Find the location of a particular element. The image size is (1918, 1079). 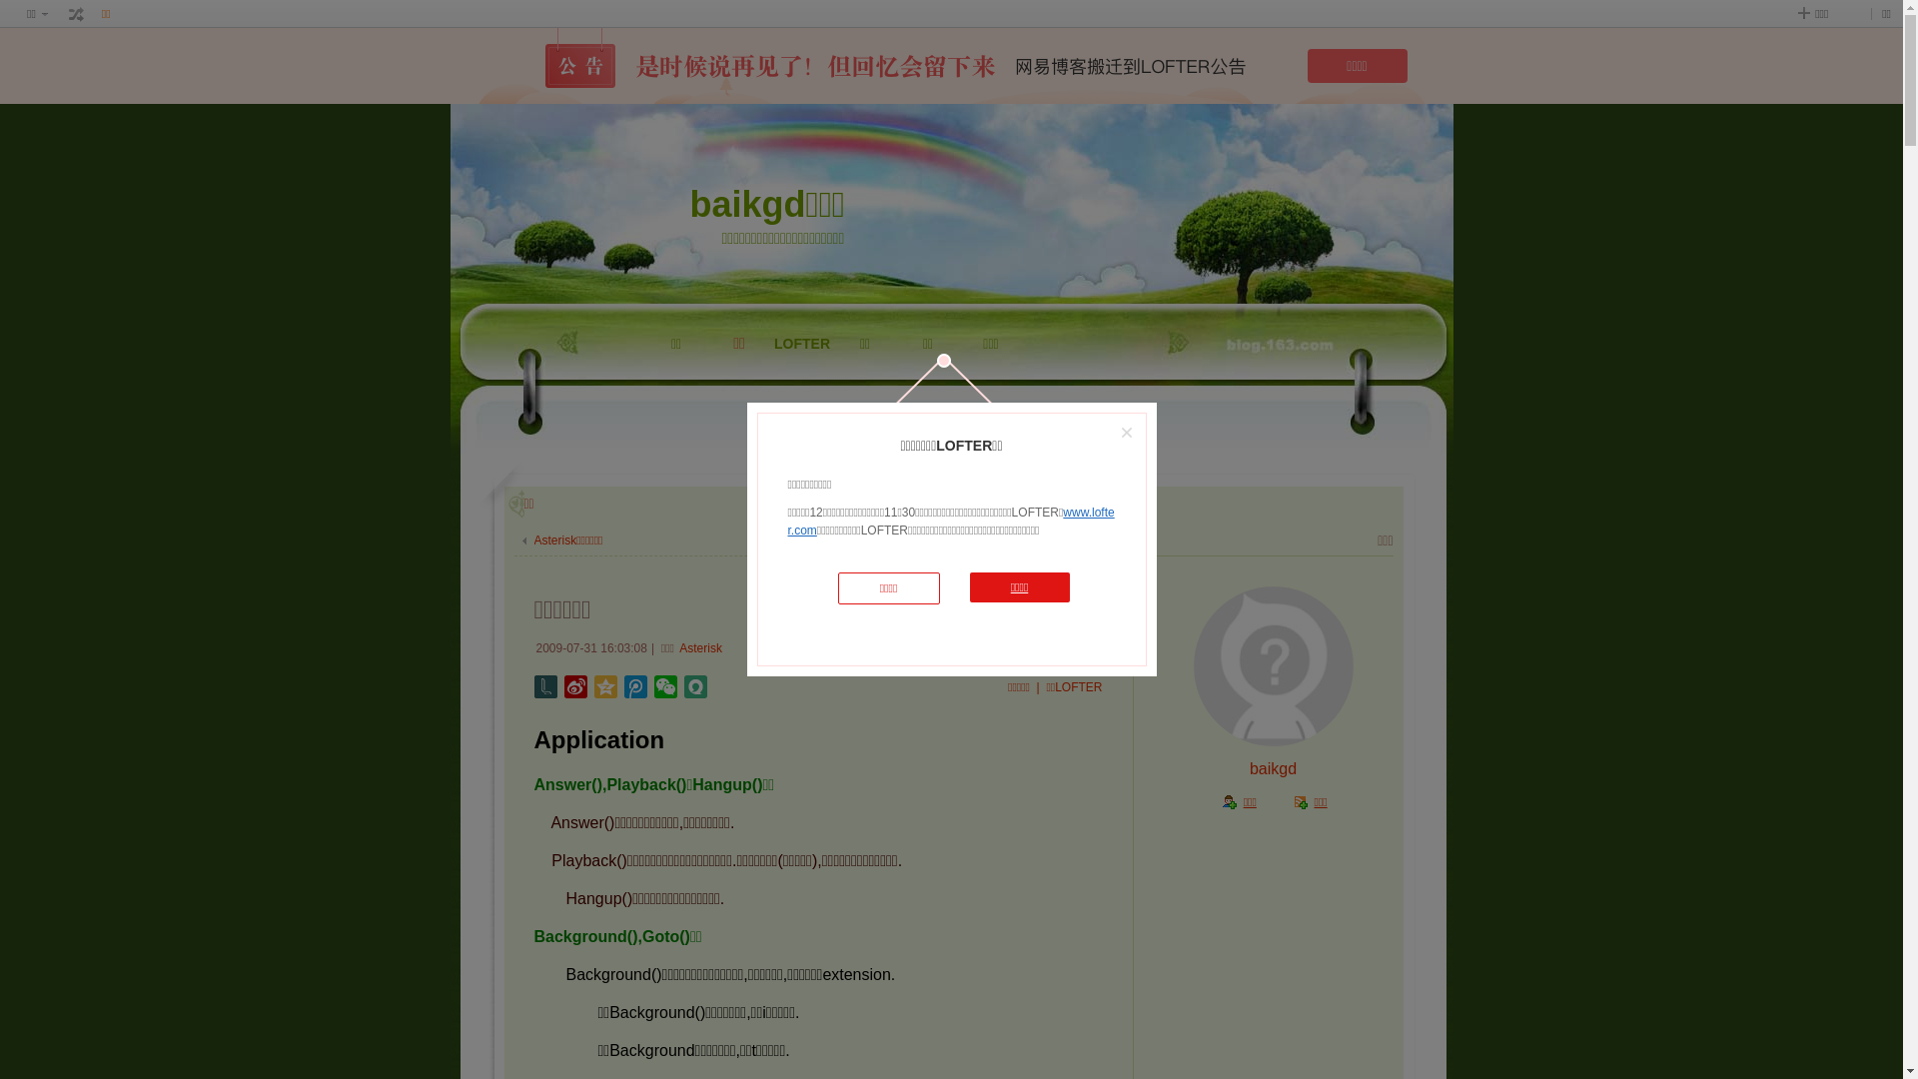

'LOFTER' is located at coordinates (802, 393).